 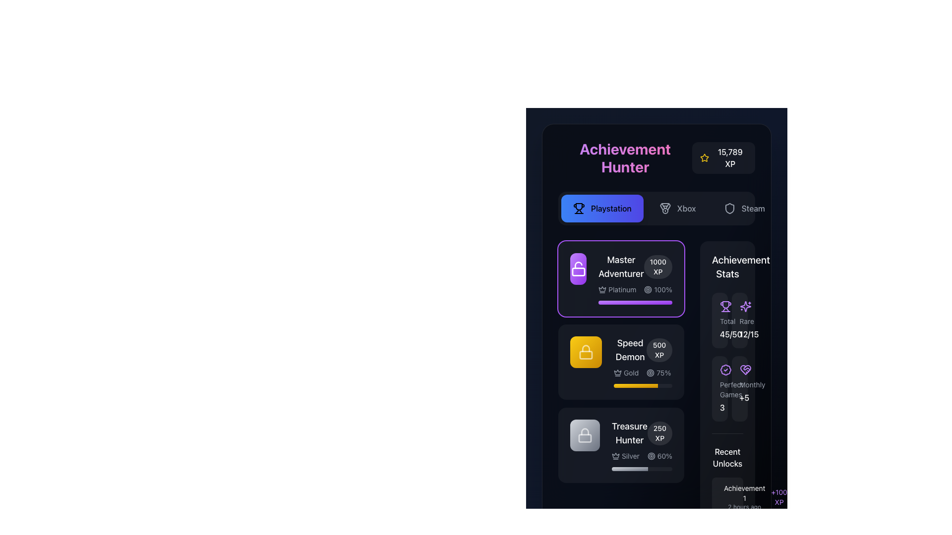 I want to click on the experience points indicator label located to the right of the 'Master Adventurer' text within the achievement card at the top of the listed achievements, so click(x=658, y=267).